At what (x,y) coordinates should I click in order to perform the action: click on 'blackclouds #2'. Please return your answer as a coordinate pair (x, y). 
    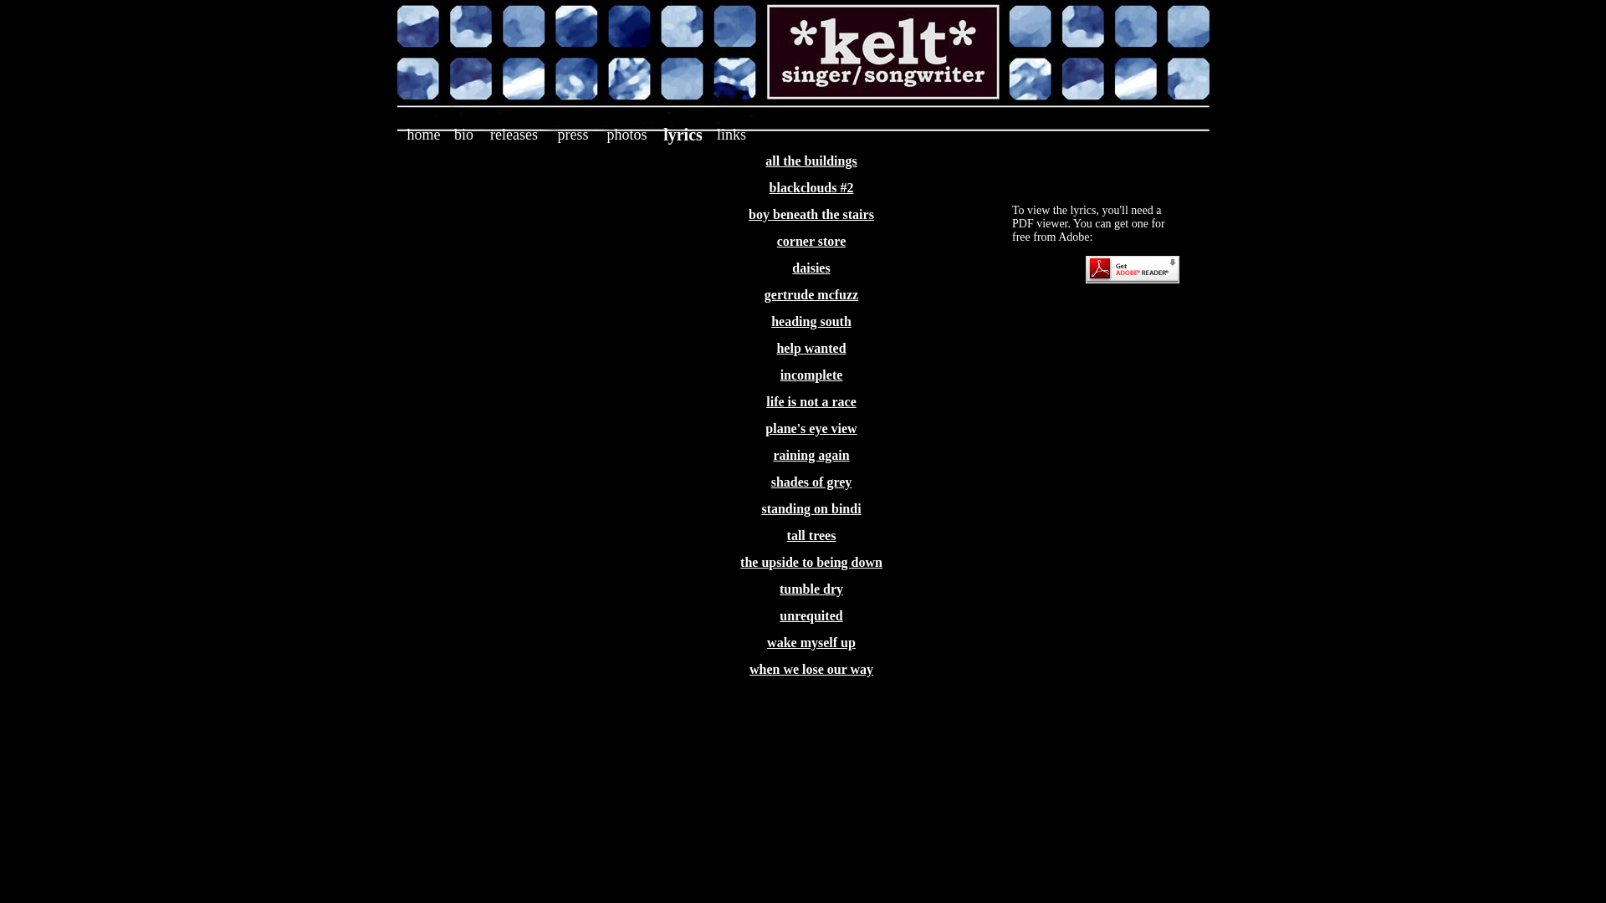
    Looking at the image, I should click on (769, 187).